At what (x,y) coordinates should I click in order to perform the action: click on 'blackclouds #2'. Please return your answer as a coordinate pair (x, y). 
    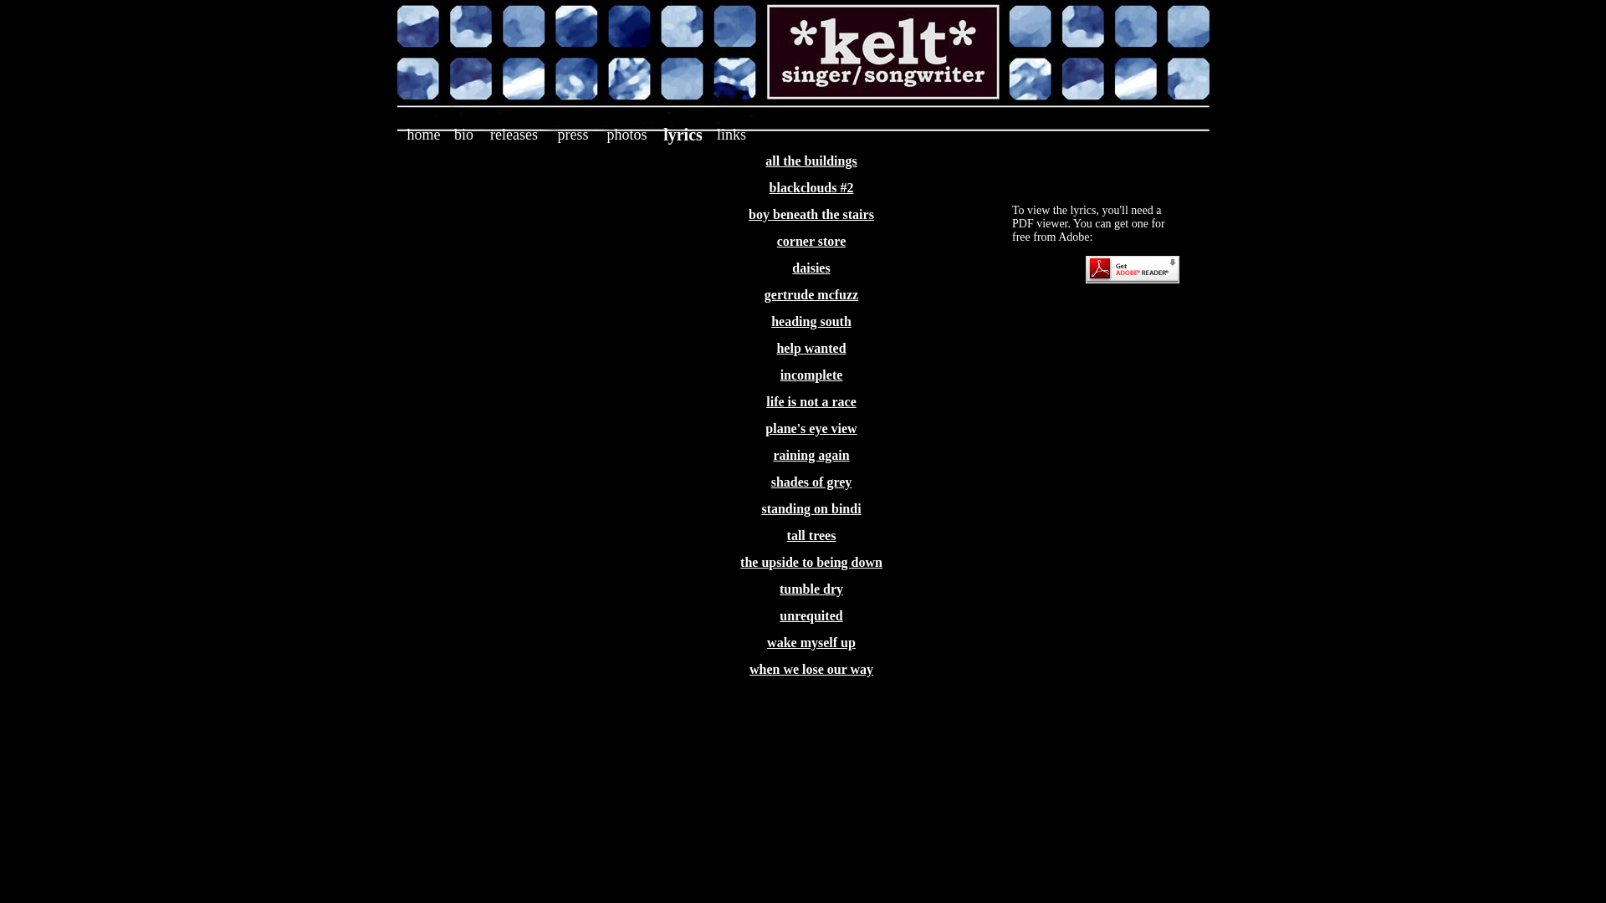
    Looking at the image, I should click on (769, 187).